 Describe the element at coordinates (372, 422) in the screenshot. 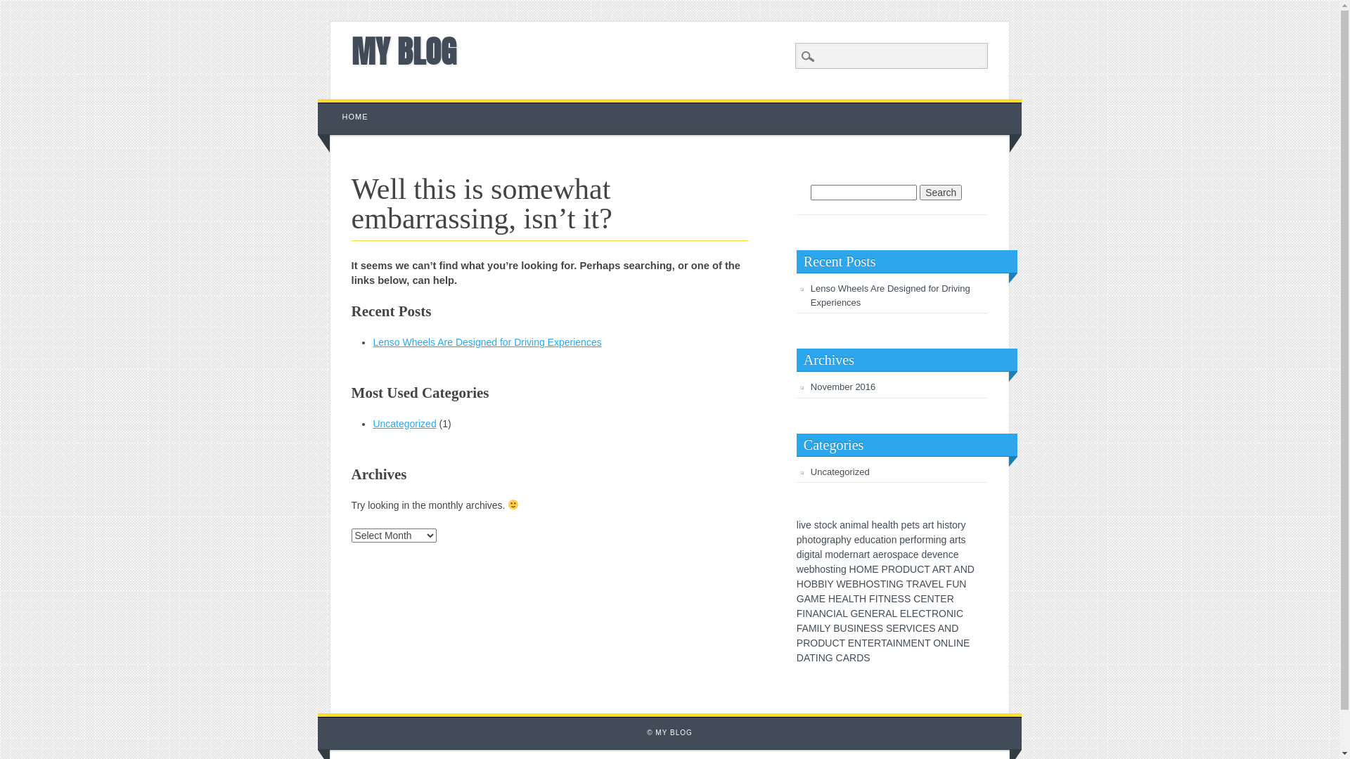

I see `'Uncategorized'` at that location.